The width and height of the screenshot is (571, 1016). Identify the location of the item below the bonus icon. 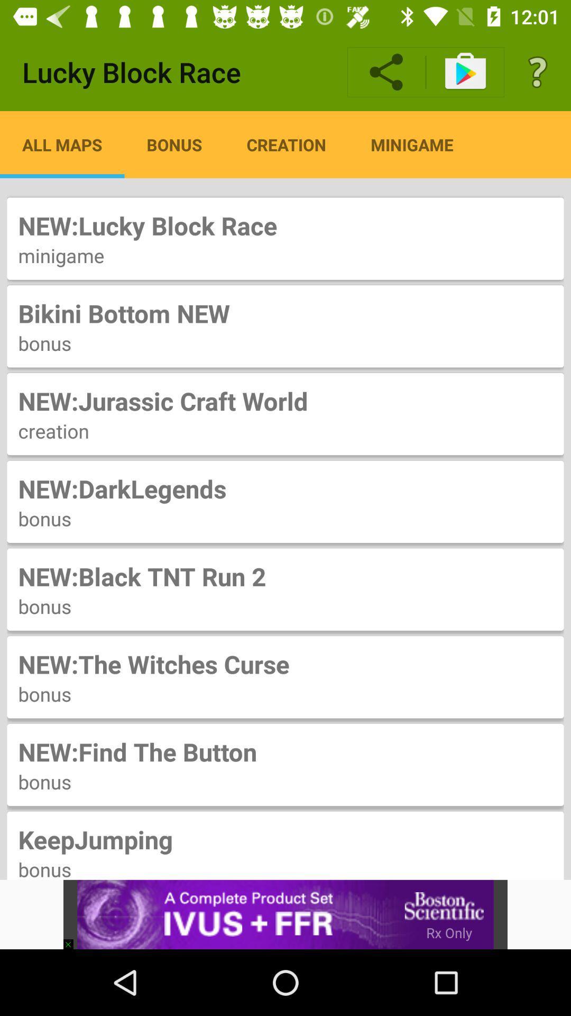
(285, 839).